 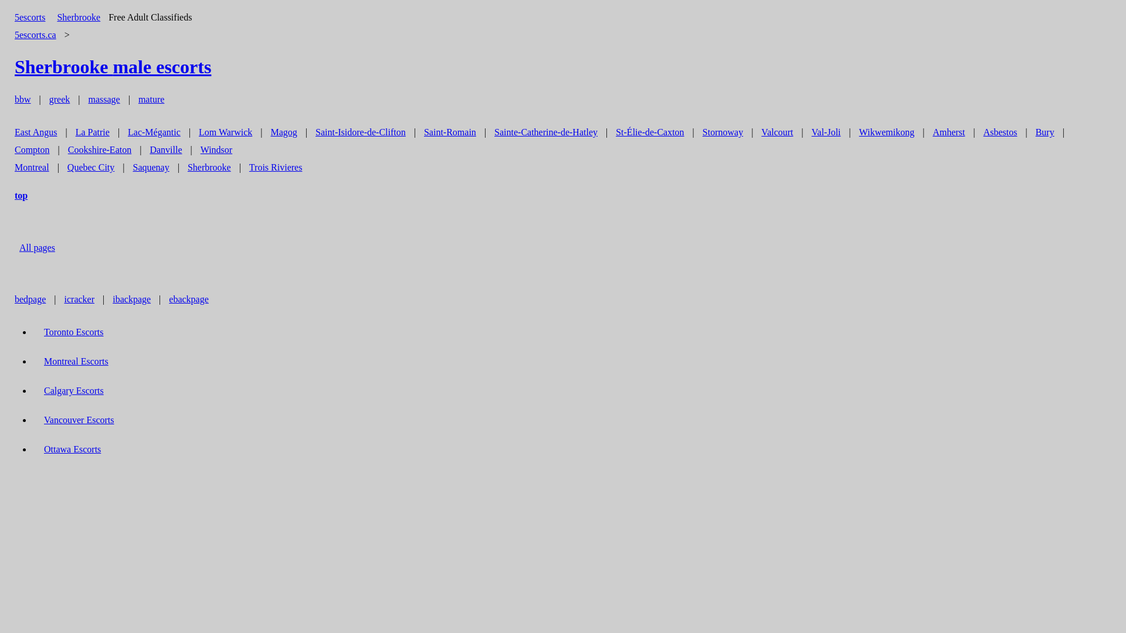 I want to click on 'Asbestos', so click(x=977, y=132).